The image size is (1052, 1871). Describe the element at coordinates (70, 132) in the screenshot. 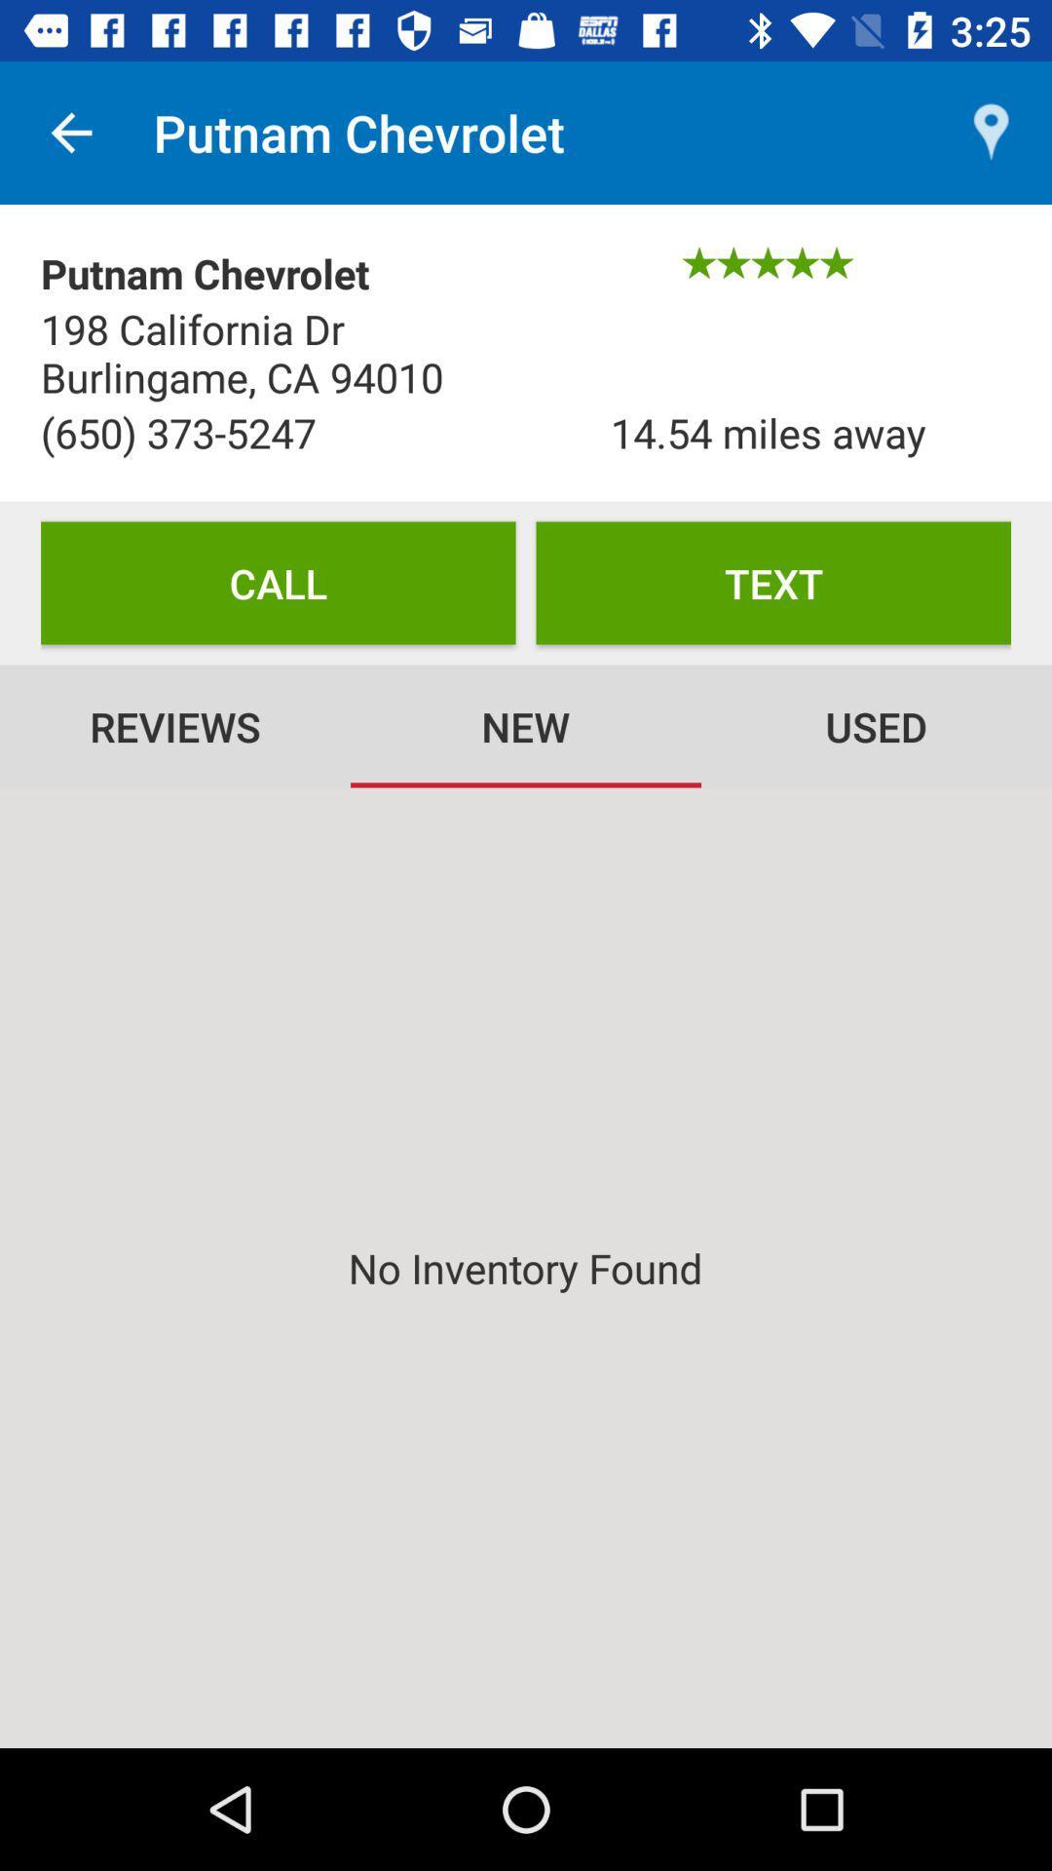

I see `icon to the left of putnam chevrolet app` at that location.